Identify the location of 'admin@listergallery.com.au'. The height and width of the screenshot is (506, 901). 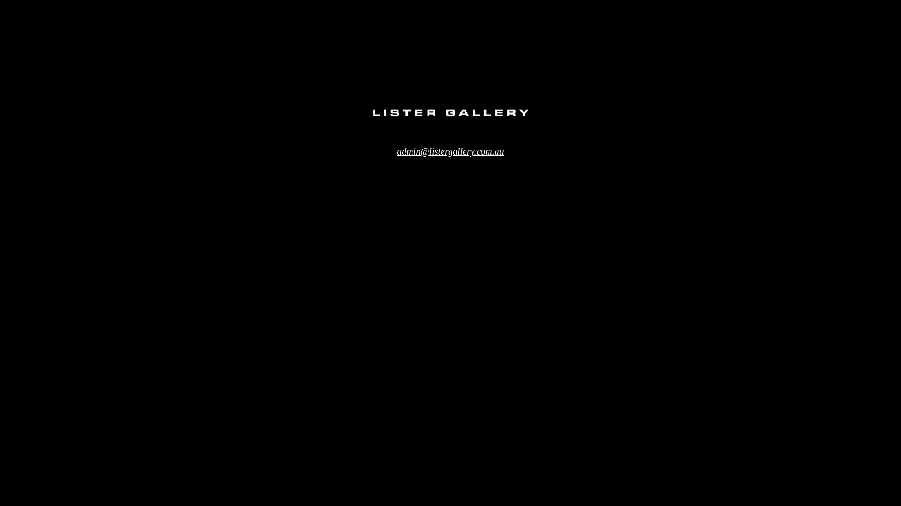
(450, 151).